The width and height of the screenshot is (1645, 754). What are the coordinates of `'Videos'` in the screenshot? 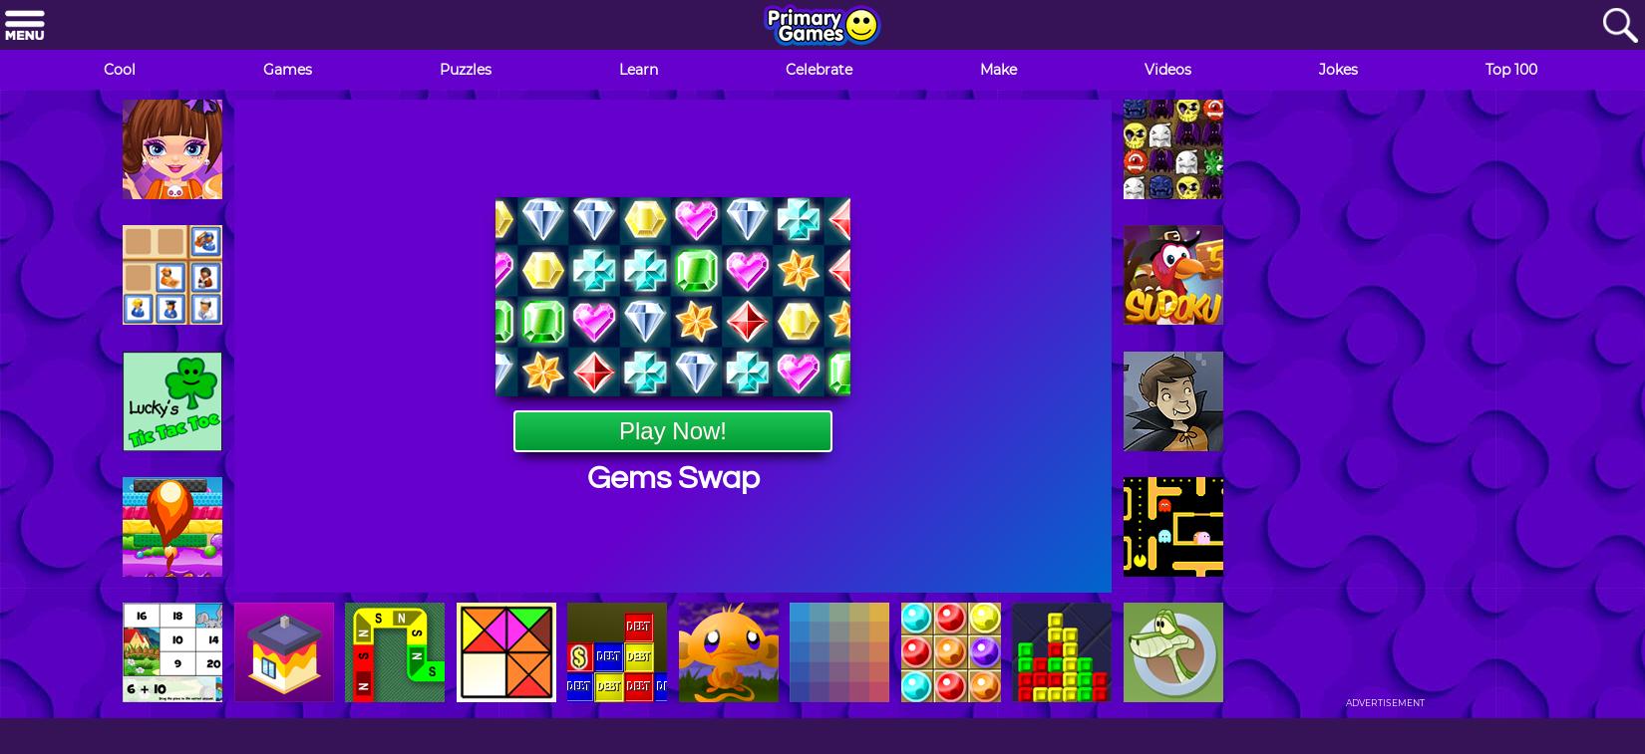 It's located at (1167, 69).